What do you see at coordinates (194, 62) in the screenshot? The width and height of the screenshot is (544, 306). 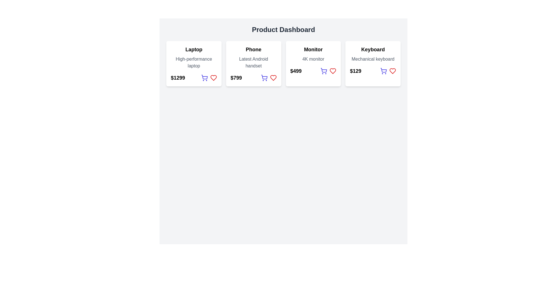 I see `the text label displaying 'High-performance laptop', which is styled in gray and located below the bold 'Laptop' text in the card interface` at bounding box center [194, 62].